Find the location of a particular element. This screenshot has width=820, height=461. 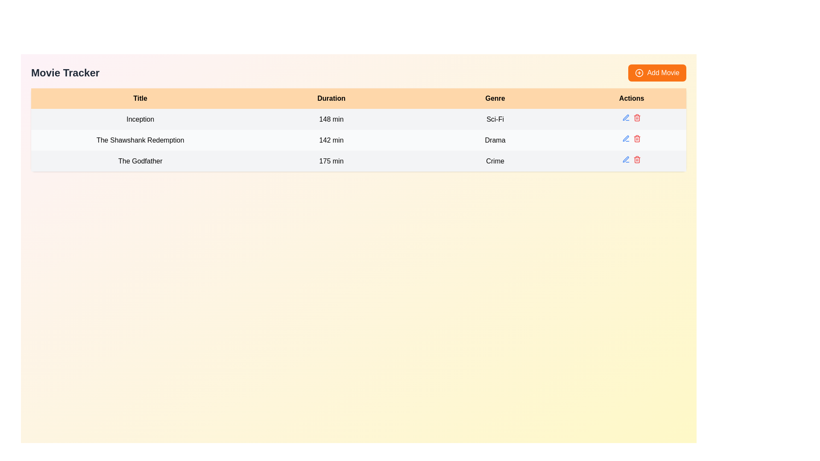

the delete button associated with 'The Shawshank Redemption' in the Actions column of the movie tracker table is located at coordinates (637, 118).